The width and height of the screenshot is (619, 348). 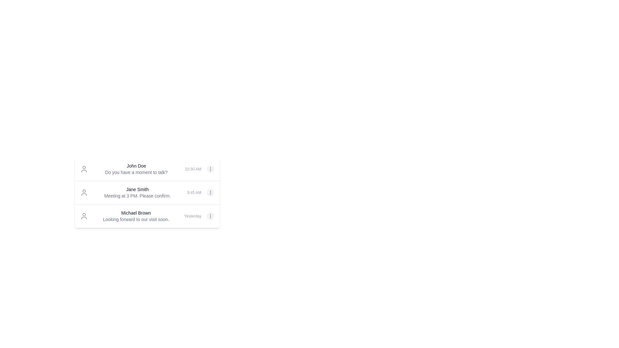 I want to click on the second message list item, which provides a summary of the message content, so click(x=147, y=184).